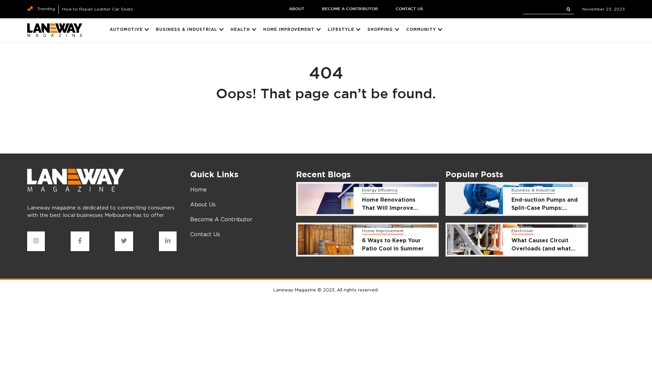  Describe the element at coordinates (198, 189) in the screenshot. I see `'Home'` at that location.